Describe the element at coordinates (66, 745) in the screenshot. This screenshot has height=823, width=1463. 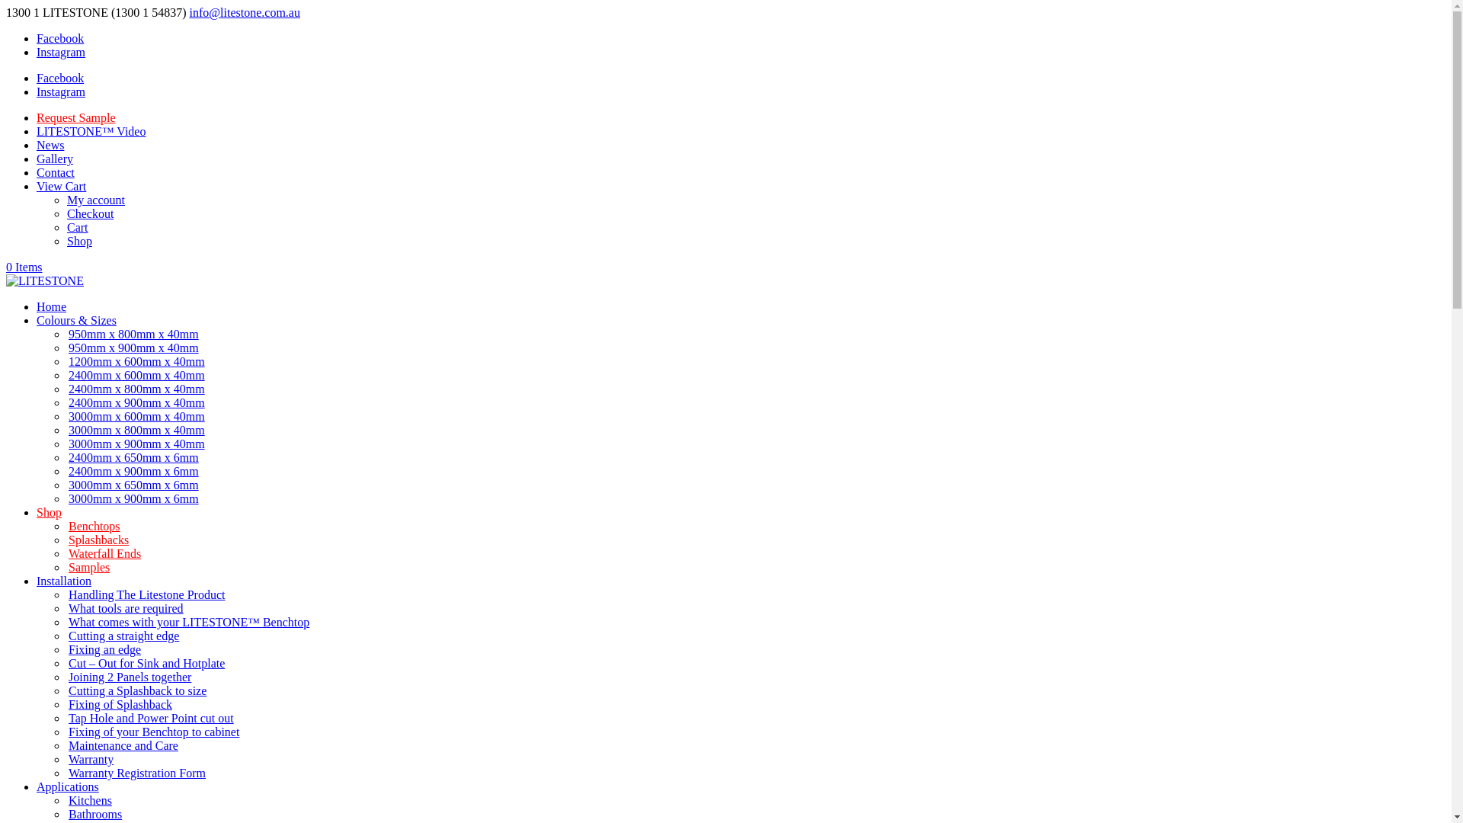
I see `'Maintenance and Care'` at that location.